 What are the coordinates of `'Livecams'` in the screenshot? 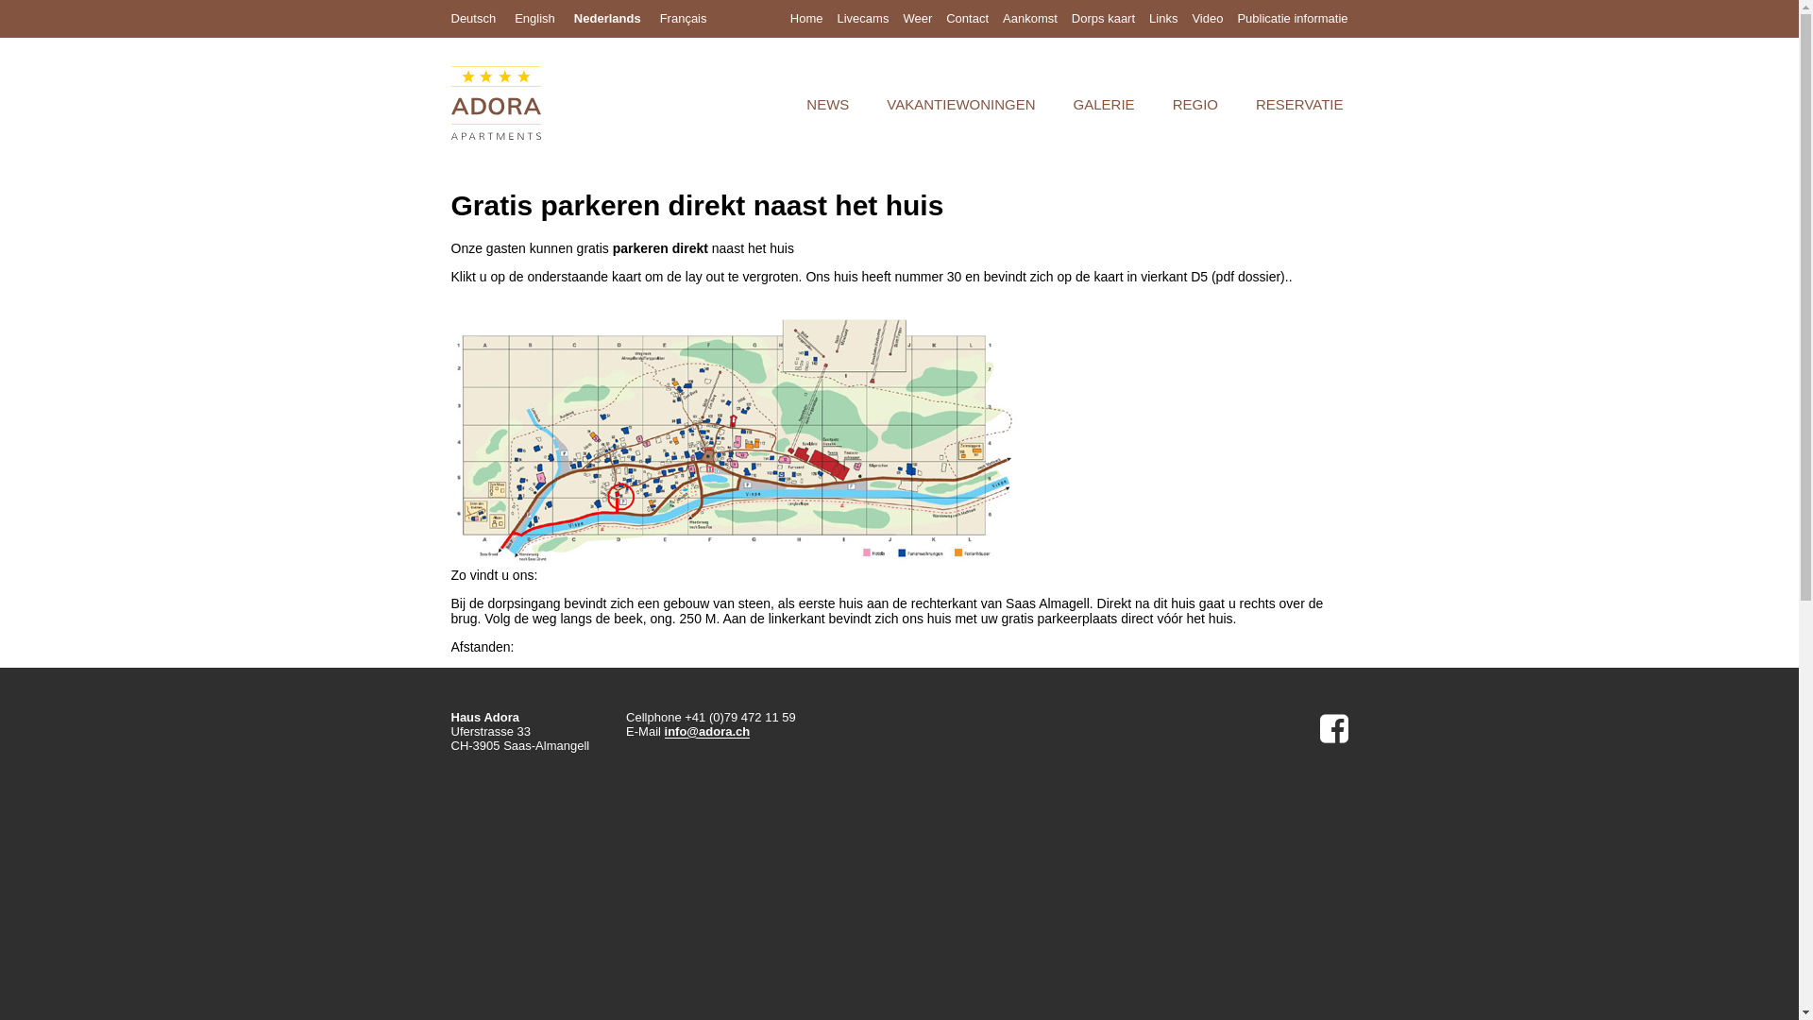 It's located at (861, 18).